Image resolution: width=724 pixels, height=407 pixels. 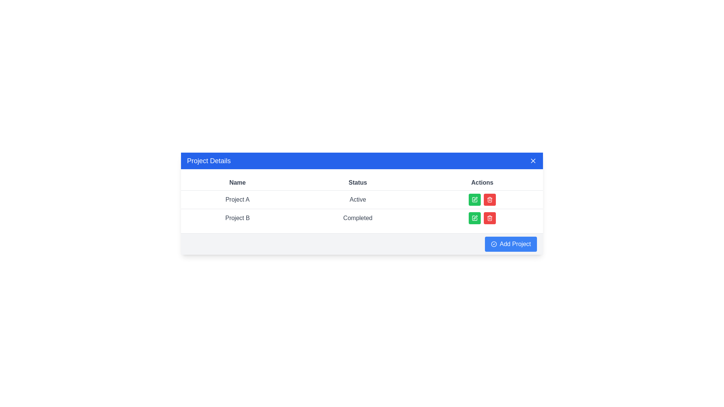 I want to click on the combined edit and delete buttons in the 'Actions' column of the first row for 'Project A', so click(x=482, y=199).